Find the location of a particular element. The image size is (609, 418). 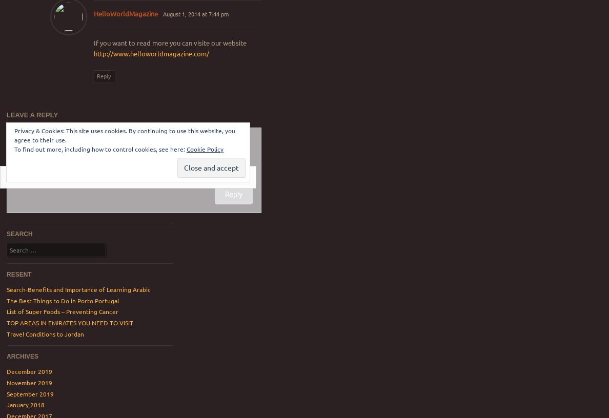

'Leave a Reply' is located at coordinates (32, 114).